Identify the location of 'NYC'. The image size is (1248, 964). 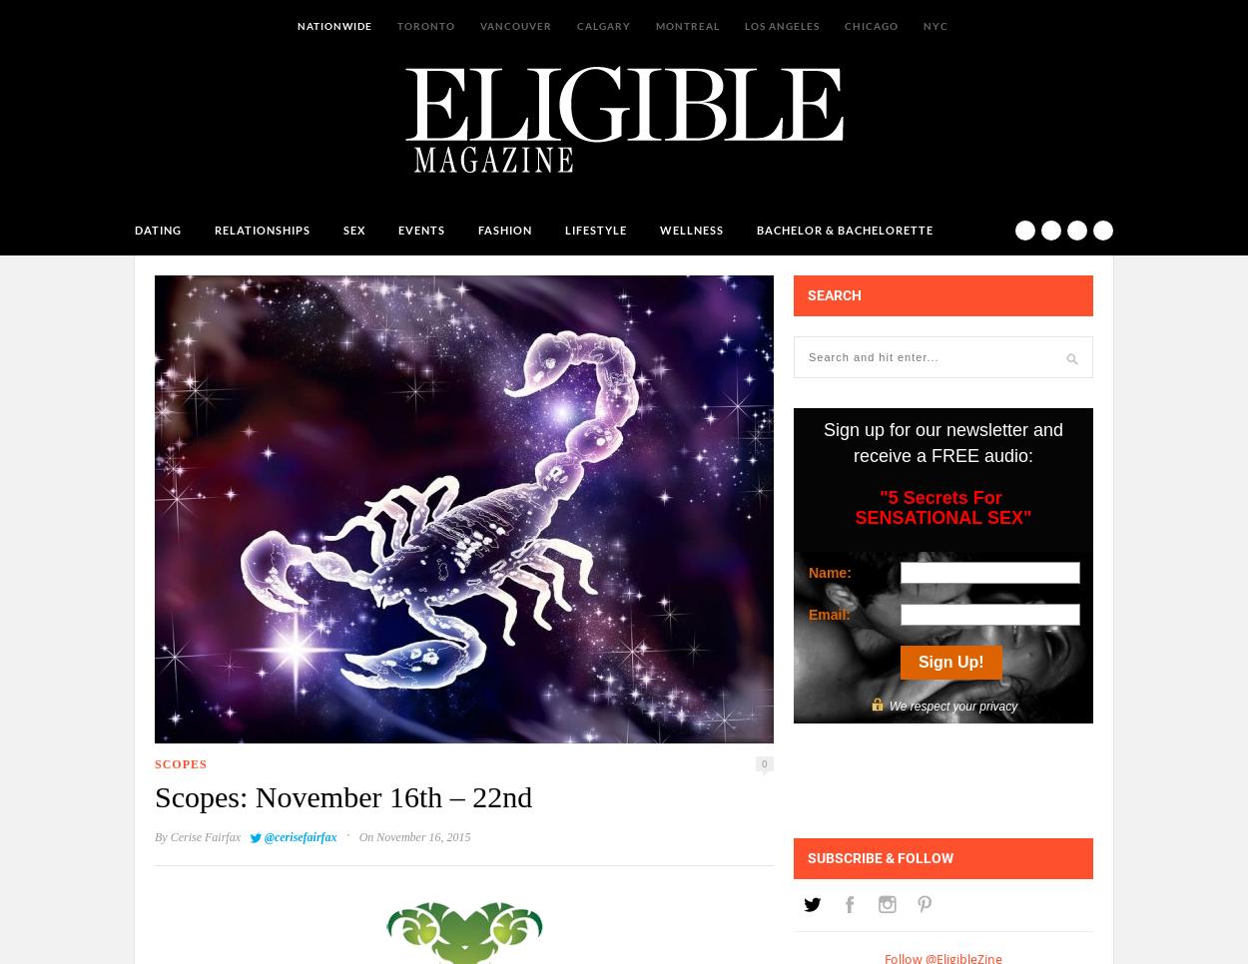
(935, 24).